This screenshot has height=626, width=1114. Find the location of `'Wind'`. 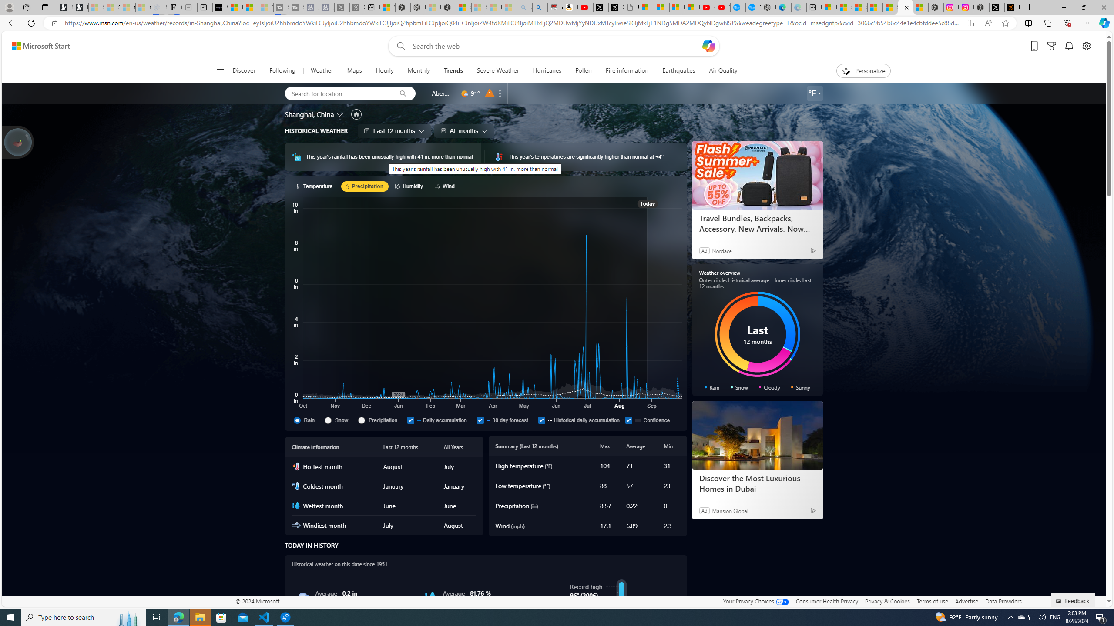

'Wind' is located at coordinates (446, 186).